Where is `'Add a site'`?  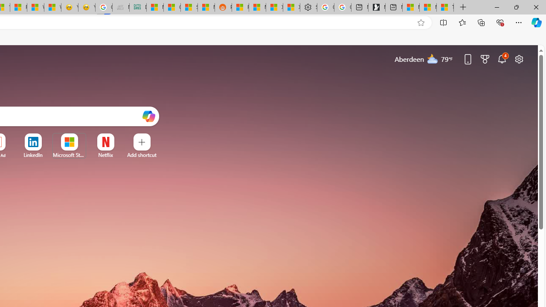 'Add a site' is located at coordinates (142, 155).